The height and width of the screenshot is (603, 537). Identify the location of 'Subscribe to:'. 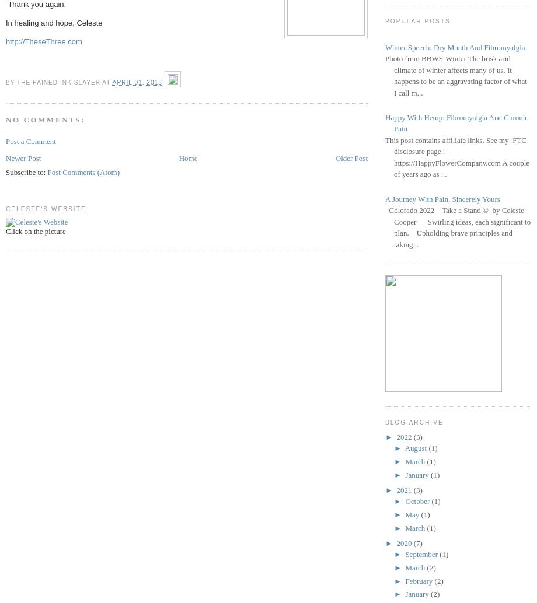
(26, 171).